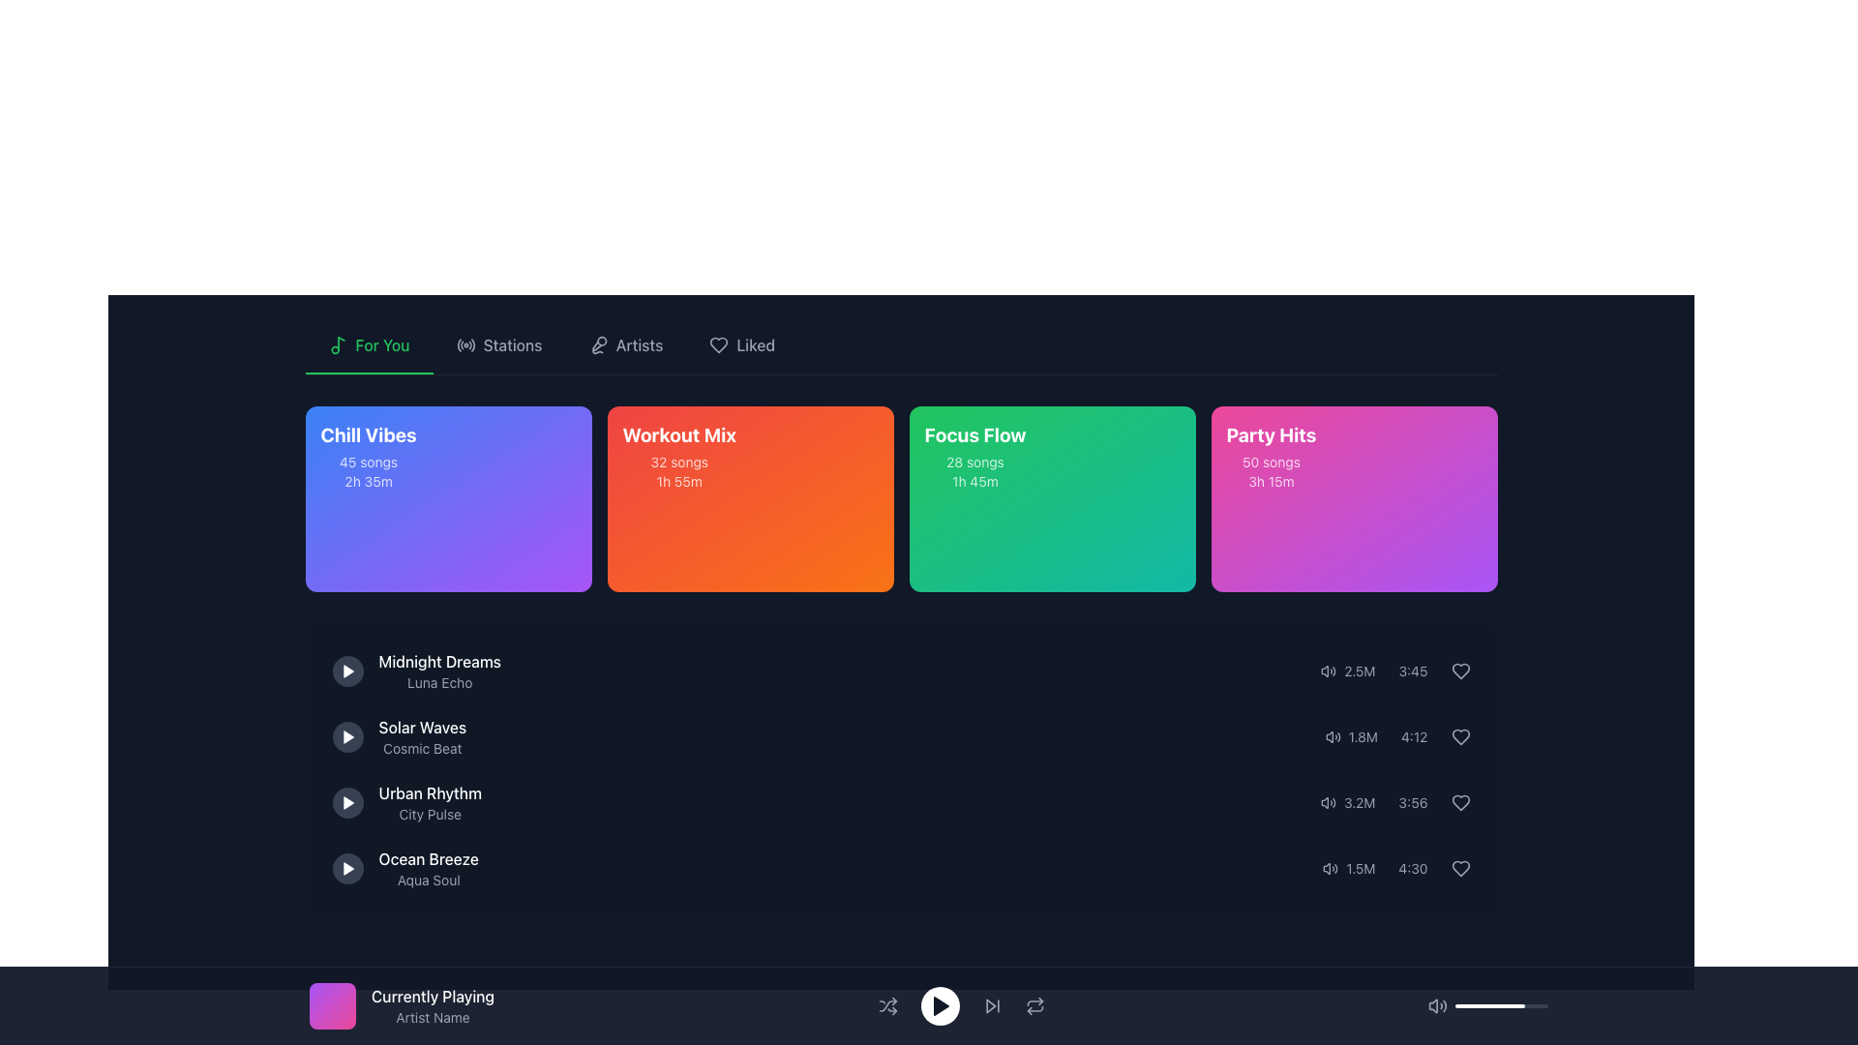 Image resolution: width=1858 pixels, height=1045 pixels. I want to click on the fourth button in the top navigation bar, which allows access to the user's liked or favored content, so click(741, 345).